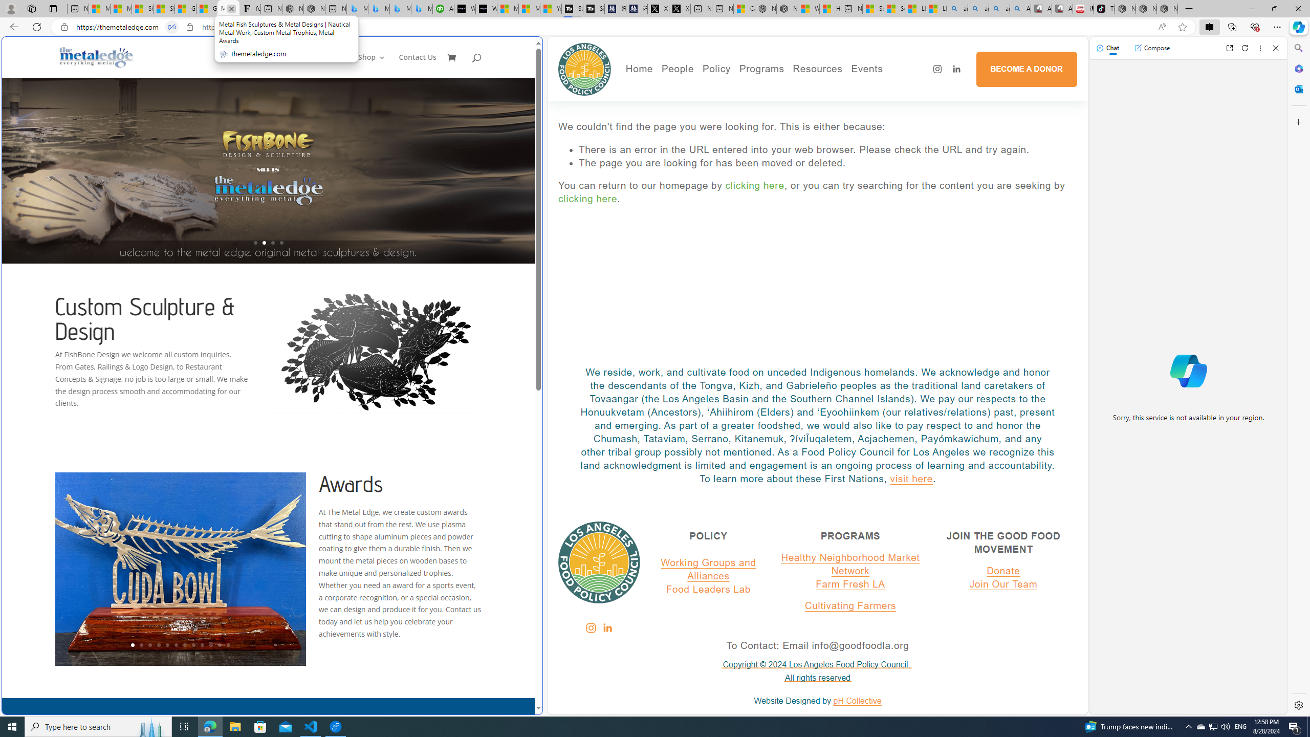  What do you see at coordinates (10, 8) in the screenshot?
I see `'Personal Profile'` at bounding box center [10, 8].